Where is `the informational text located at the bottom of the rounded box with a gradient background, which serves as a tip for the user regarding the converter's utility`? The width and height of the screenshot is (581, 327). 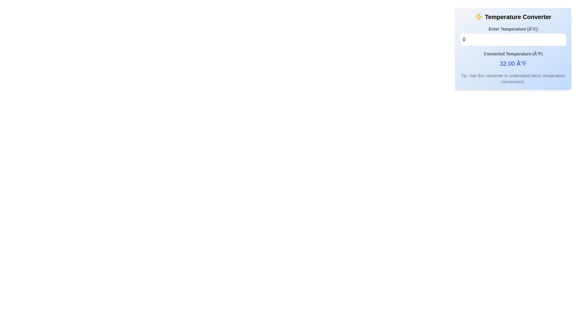
the informational text located at the bottom of the rounded box with a gradient background, which serves as a tip for the user regarding the converter's utility is located at coordinates (513, 78).